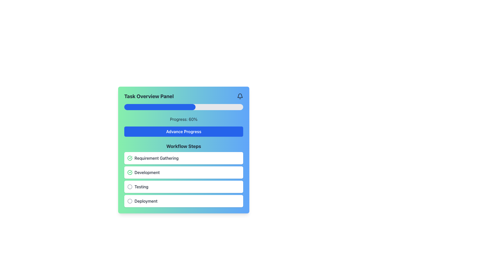 The image size is (492, 276). Describe the element at coordinates (146, 201) in the screenshot. I see `the text label reading 'Deployment' styled with dark gray font, located in the Workflow Steps section of the interface, positioned below two circular icons` at that location.